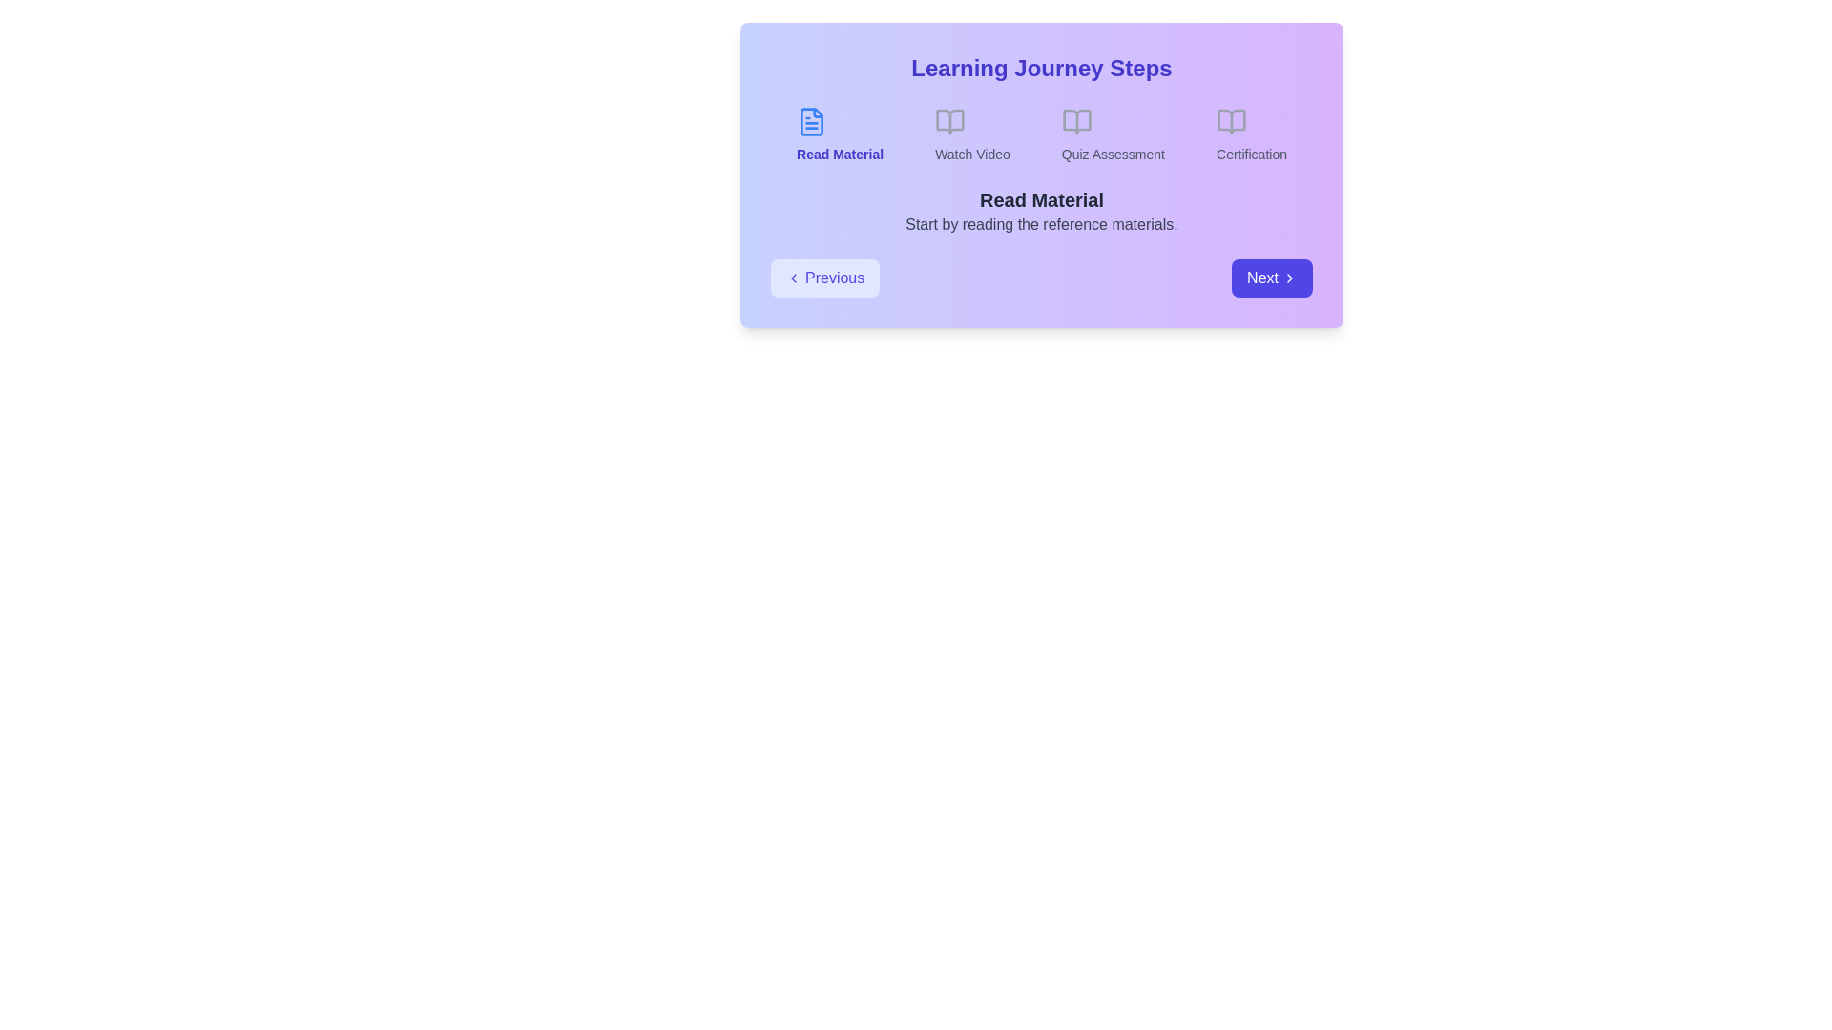 The height and width of the screenshot is (1030, 1832). What do you see at coordinates (1272, 278) in the screenshot?
I see `the 'Next' navigation button located at the bottom-right of the central card to advance to the next step` at bounding box center [1272, 278].